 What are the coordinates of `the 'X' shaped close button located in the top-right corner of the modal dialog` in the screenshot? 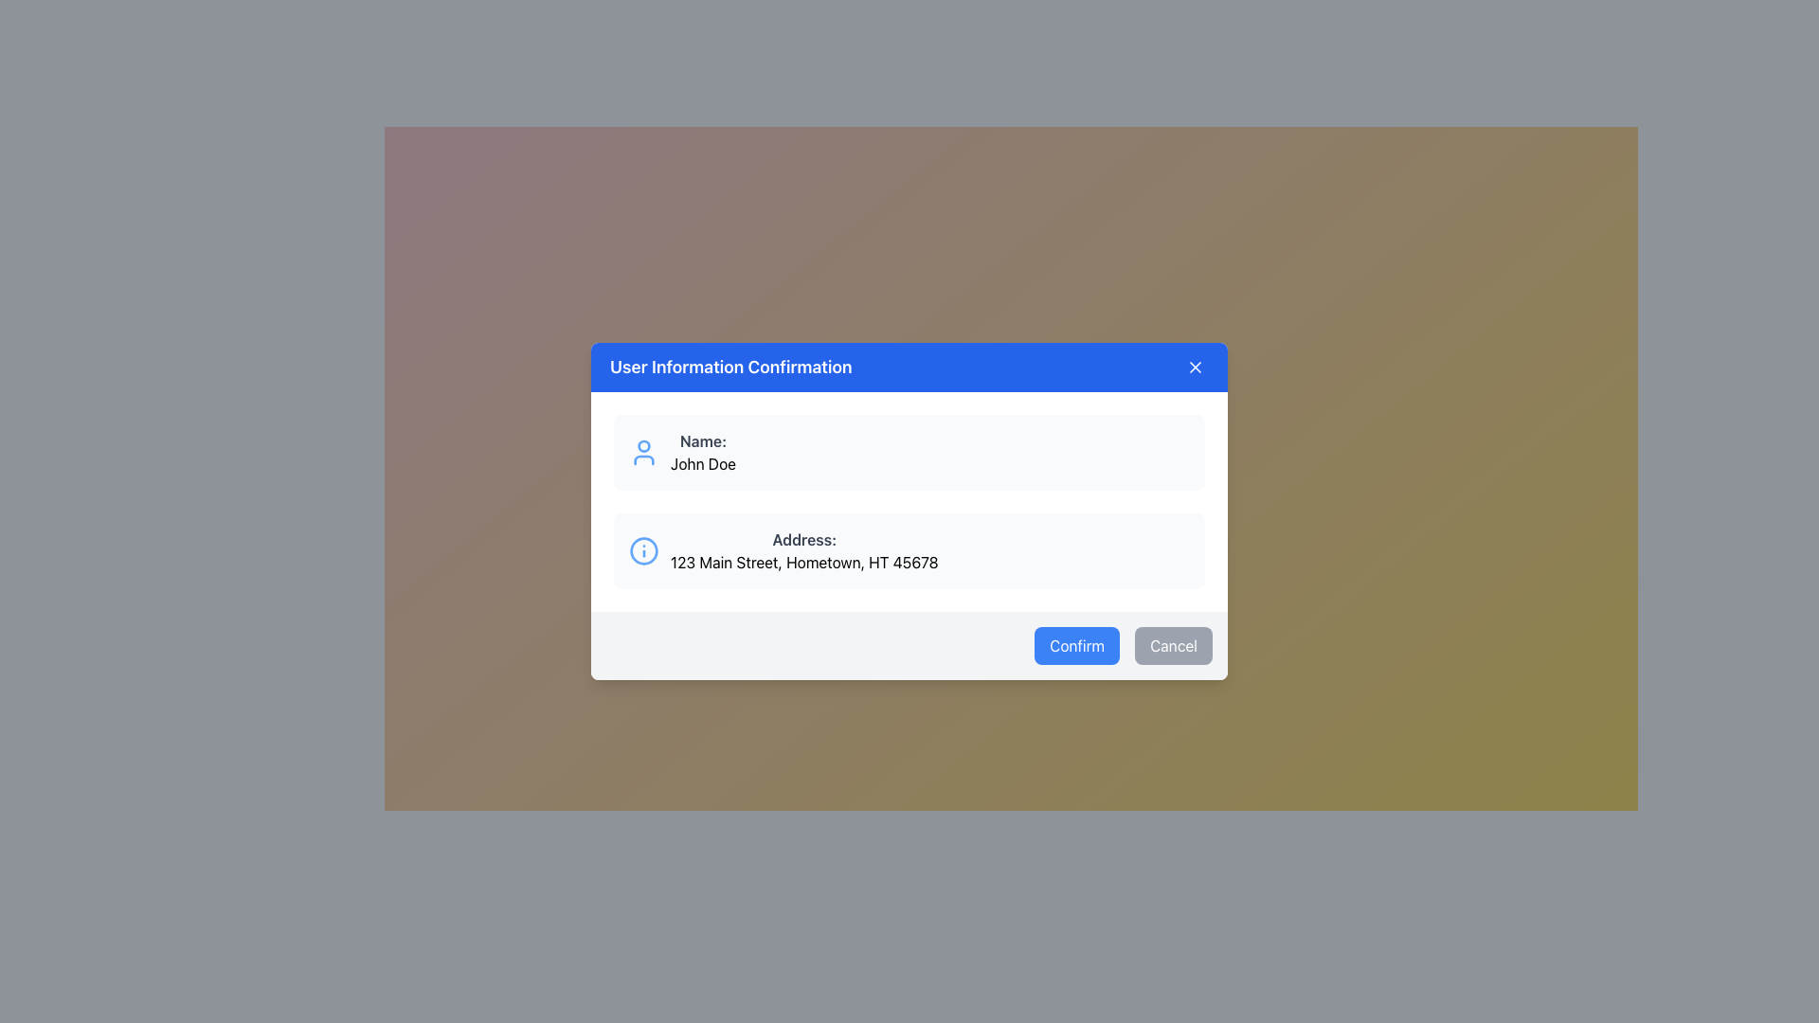 It's located at (1195, 368).